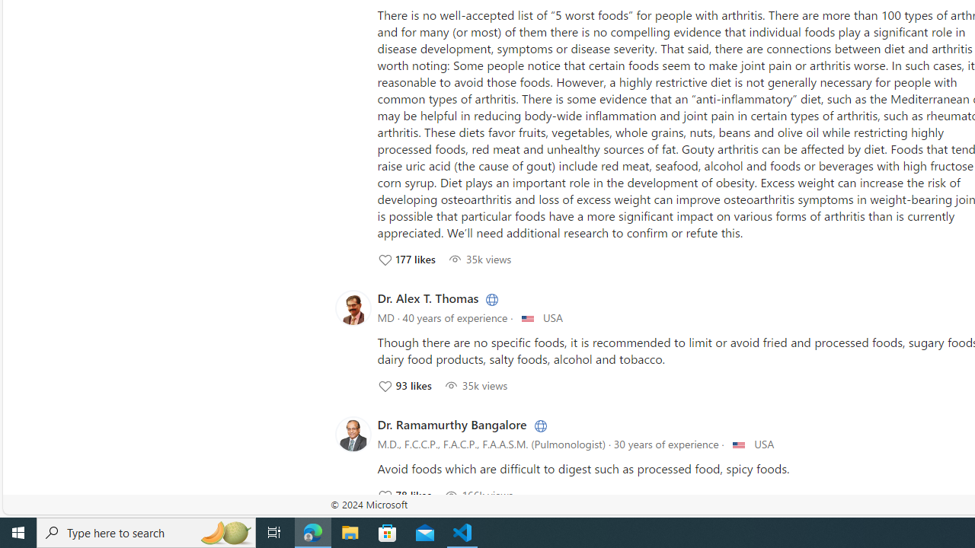  What do you see at coordinates (475, 384) in the screenshot?
I see `'35593 View; Click to View'` at bounding box center [475, 384].